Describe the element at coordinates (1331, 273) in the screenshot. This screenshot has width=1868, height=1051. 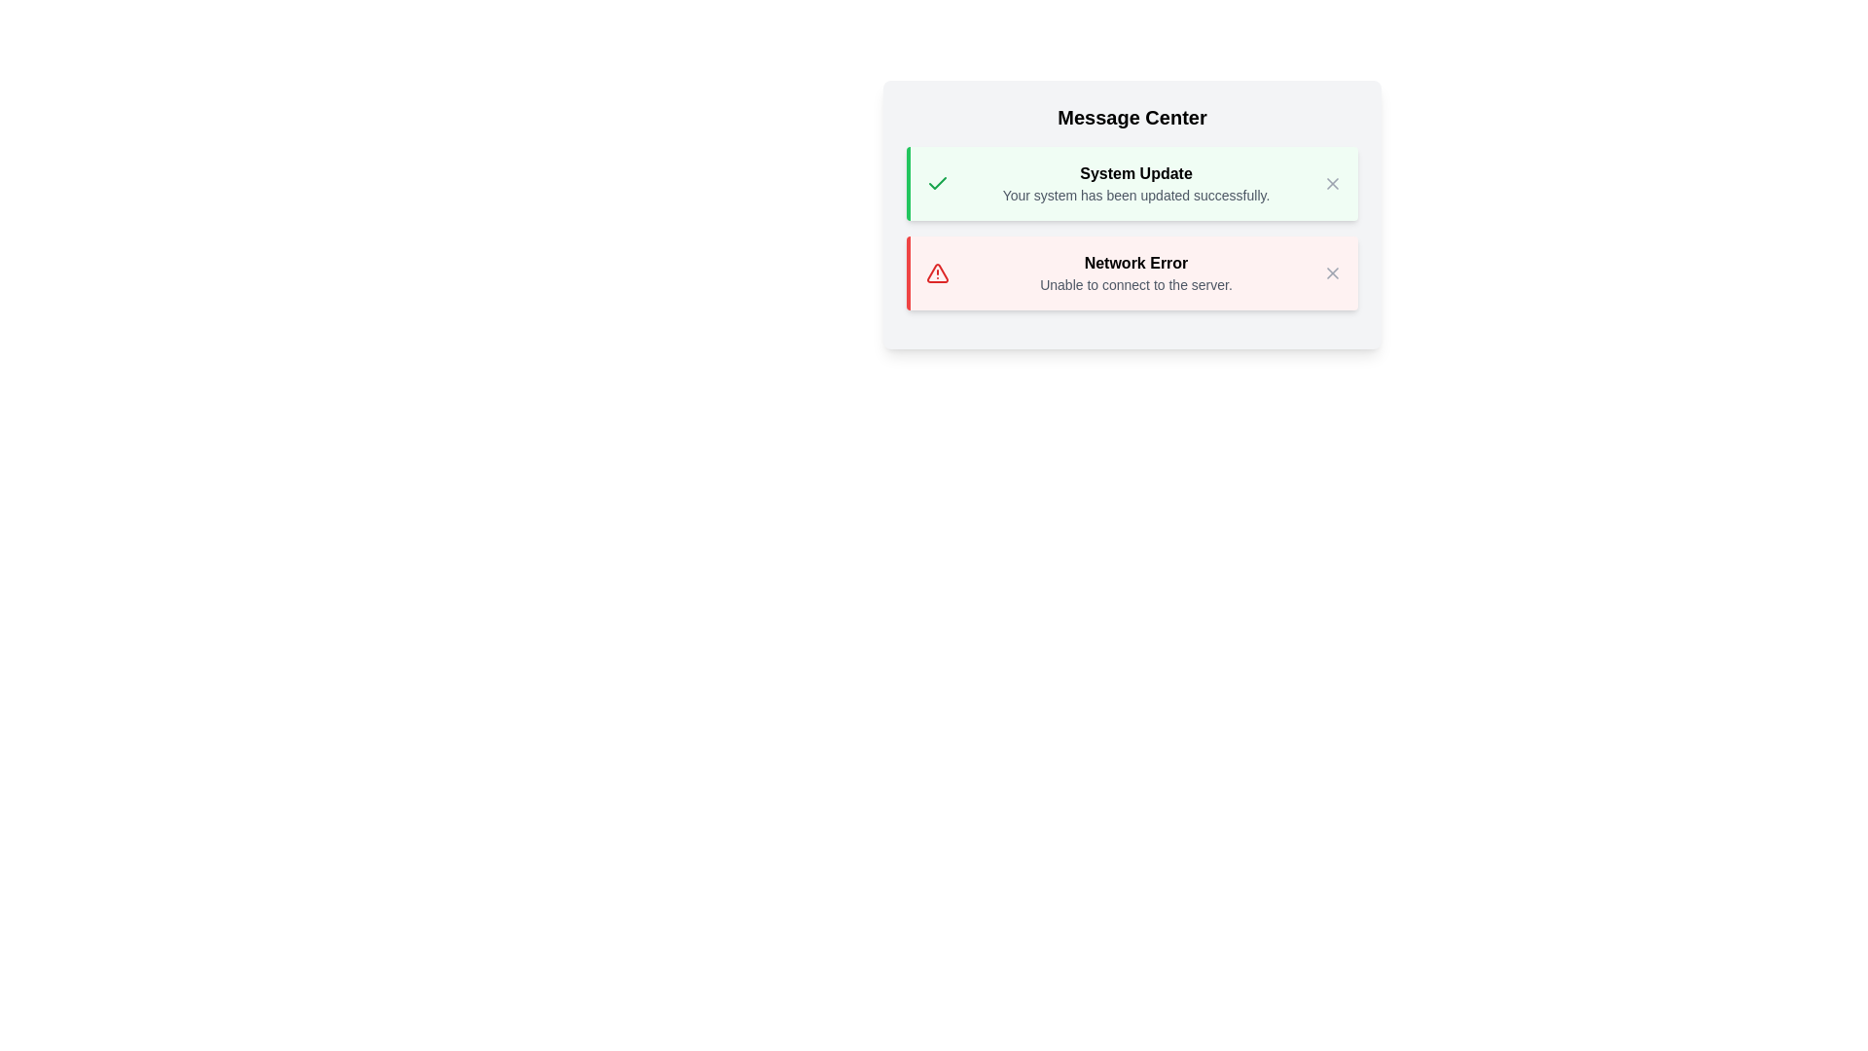
I see `the 'Close' button styled as an 'X' inside a square, located within the 'Network Error' notification card, to change its color` at that location.